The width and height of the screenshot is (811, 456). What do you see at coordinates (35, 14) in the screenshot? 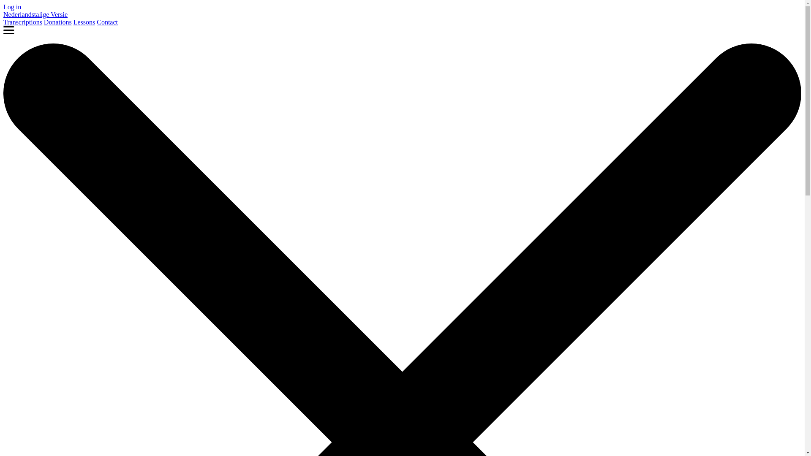
I see `'Nederlandstalige Versie'` at bounding box center [35, 14].